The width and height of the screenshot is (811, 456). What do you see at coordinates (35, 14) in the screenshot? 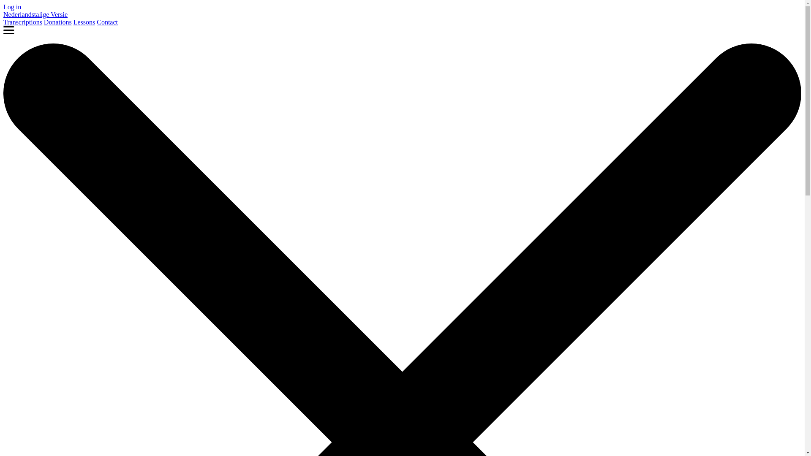
I see `'Nederlandstalige Versie'` at bounding box center [35, 14].